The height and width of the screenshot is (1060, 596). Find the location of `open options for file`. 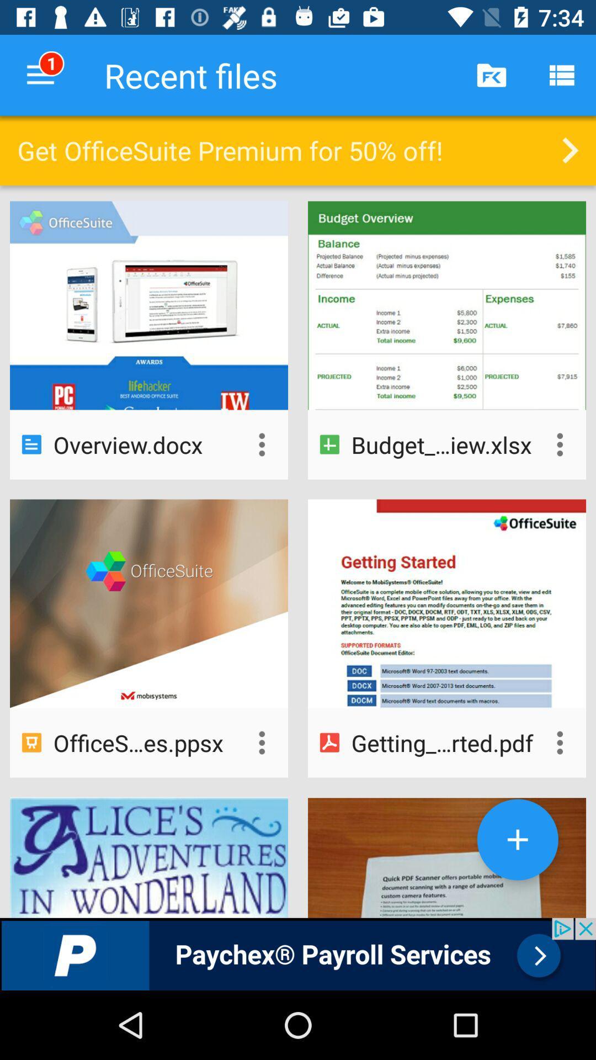

open options for file is located at coordinates (262, 743).